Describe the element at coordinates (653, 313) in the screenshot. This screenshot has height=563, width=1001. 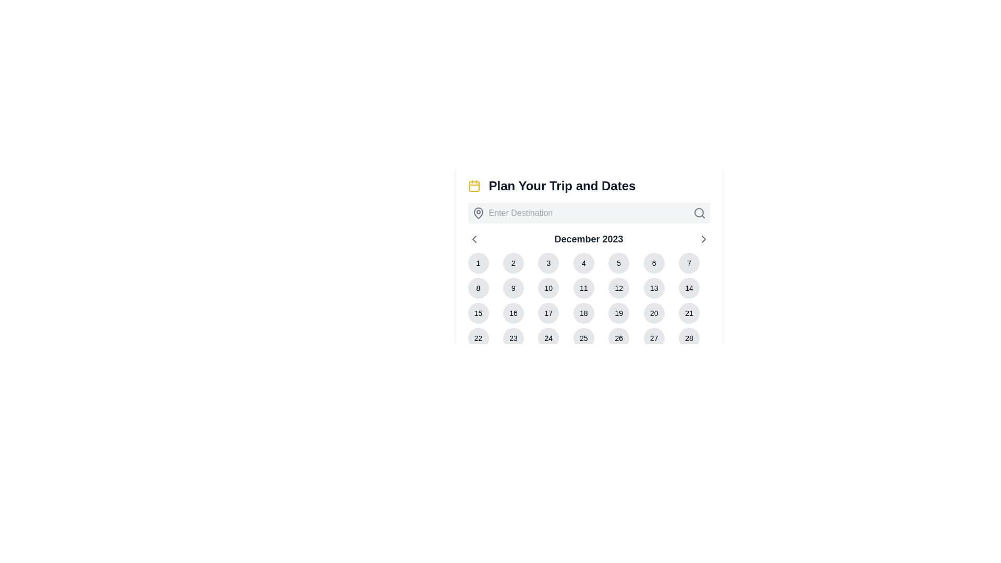
I see `the circular button labeled '20'` at that location.